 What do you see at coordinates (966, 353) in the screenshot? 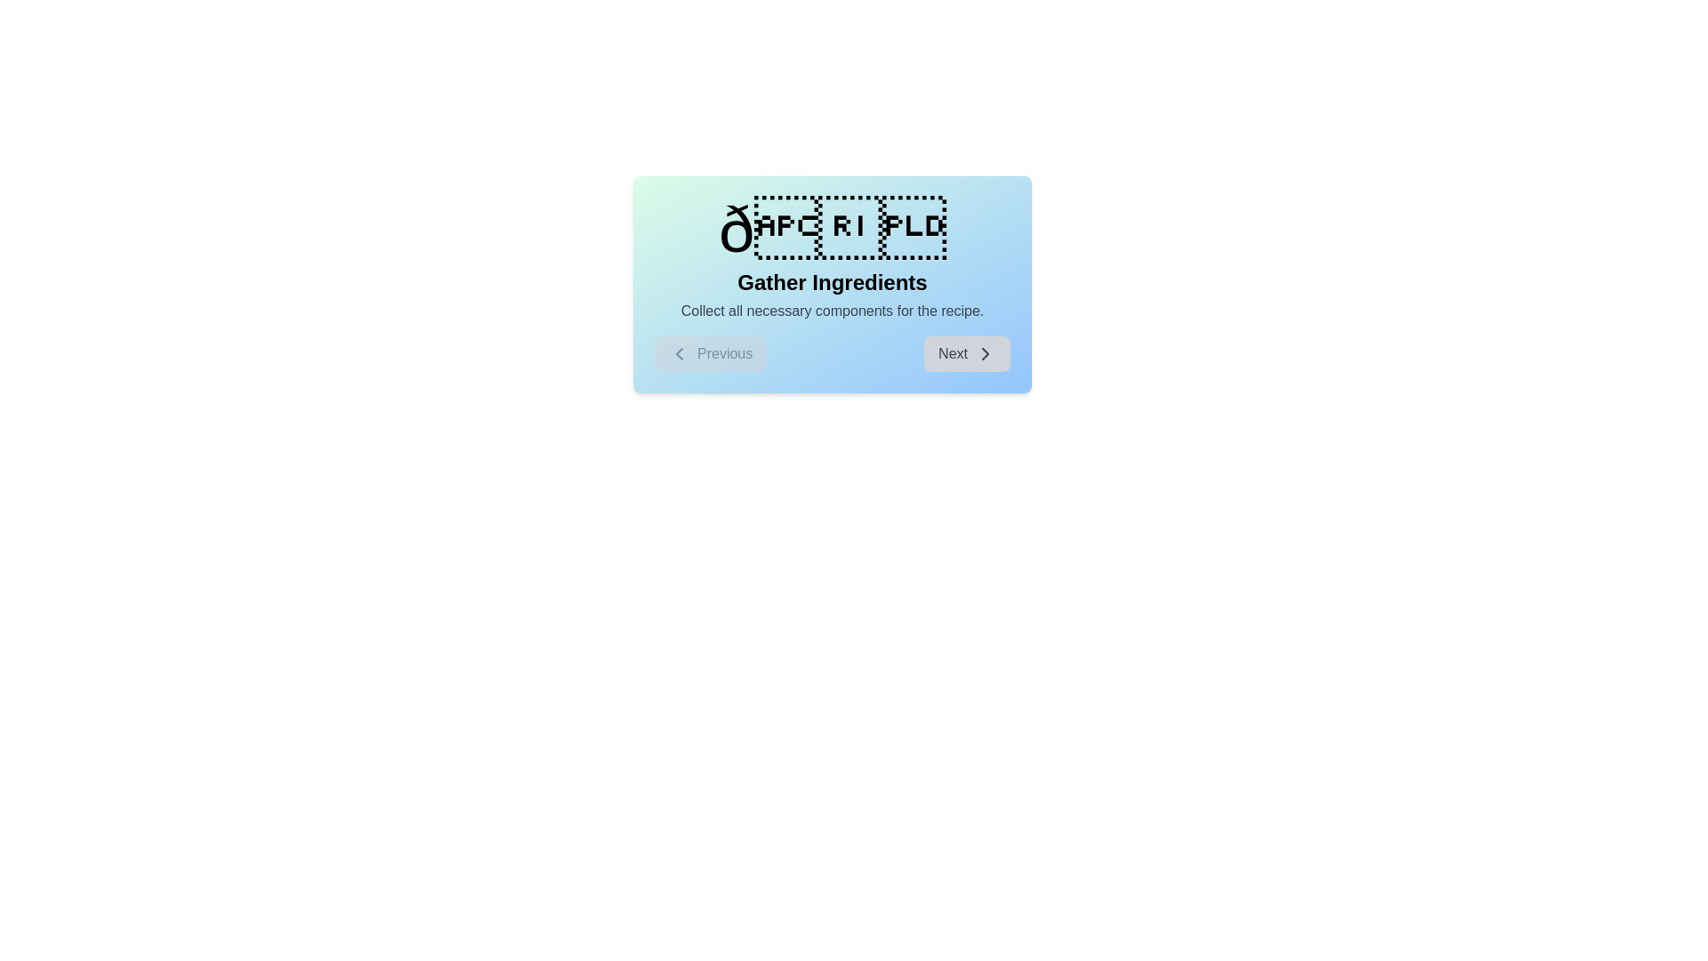
I see `the 'Next' button to navigate to the next step` at bounding box center [966, 353].